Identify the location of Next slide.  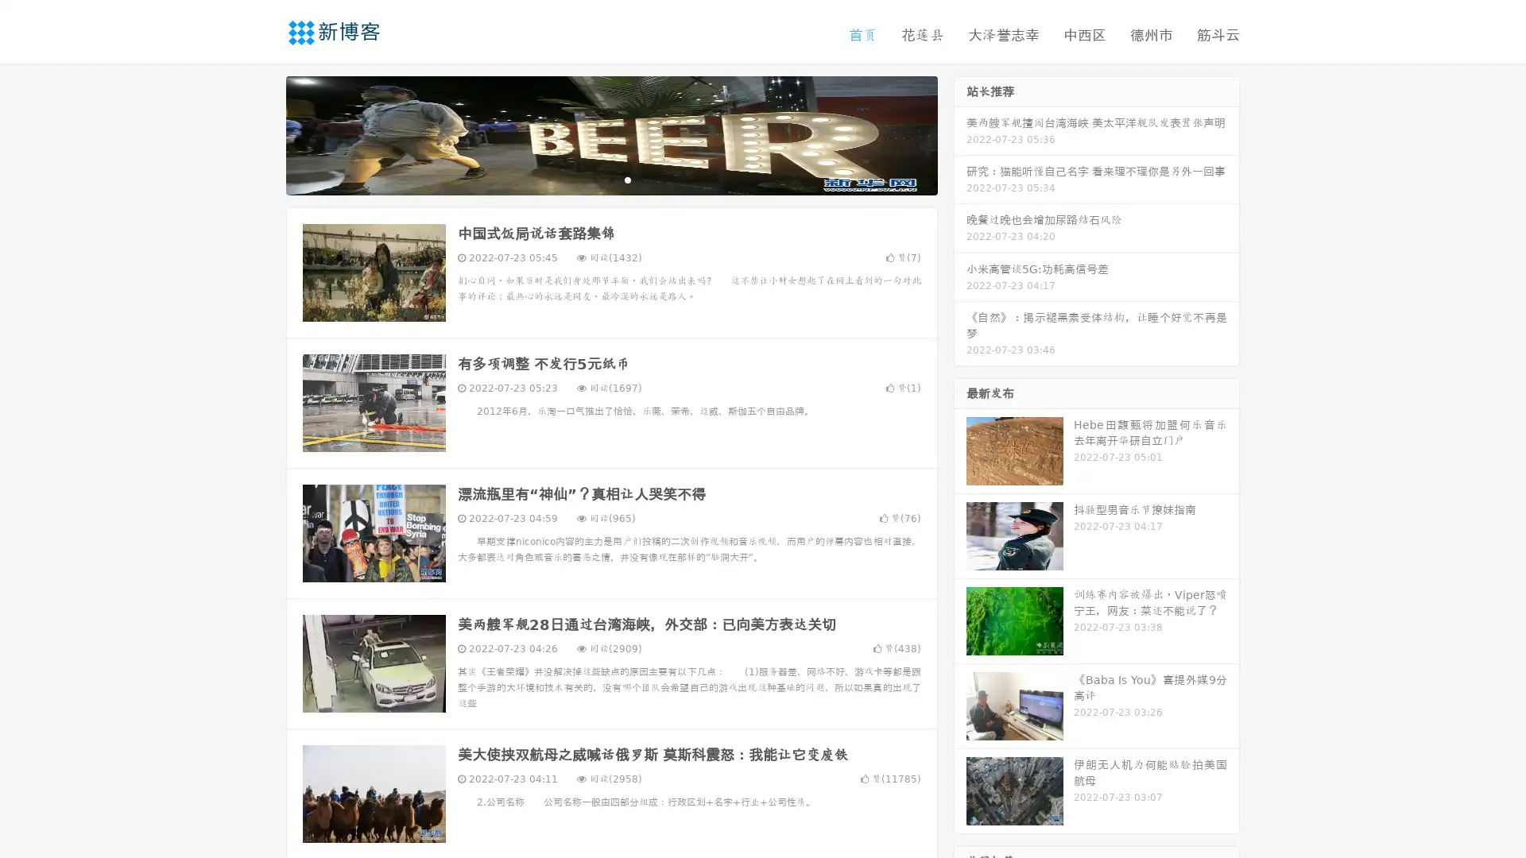
(960, 133).